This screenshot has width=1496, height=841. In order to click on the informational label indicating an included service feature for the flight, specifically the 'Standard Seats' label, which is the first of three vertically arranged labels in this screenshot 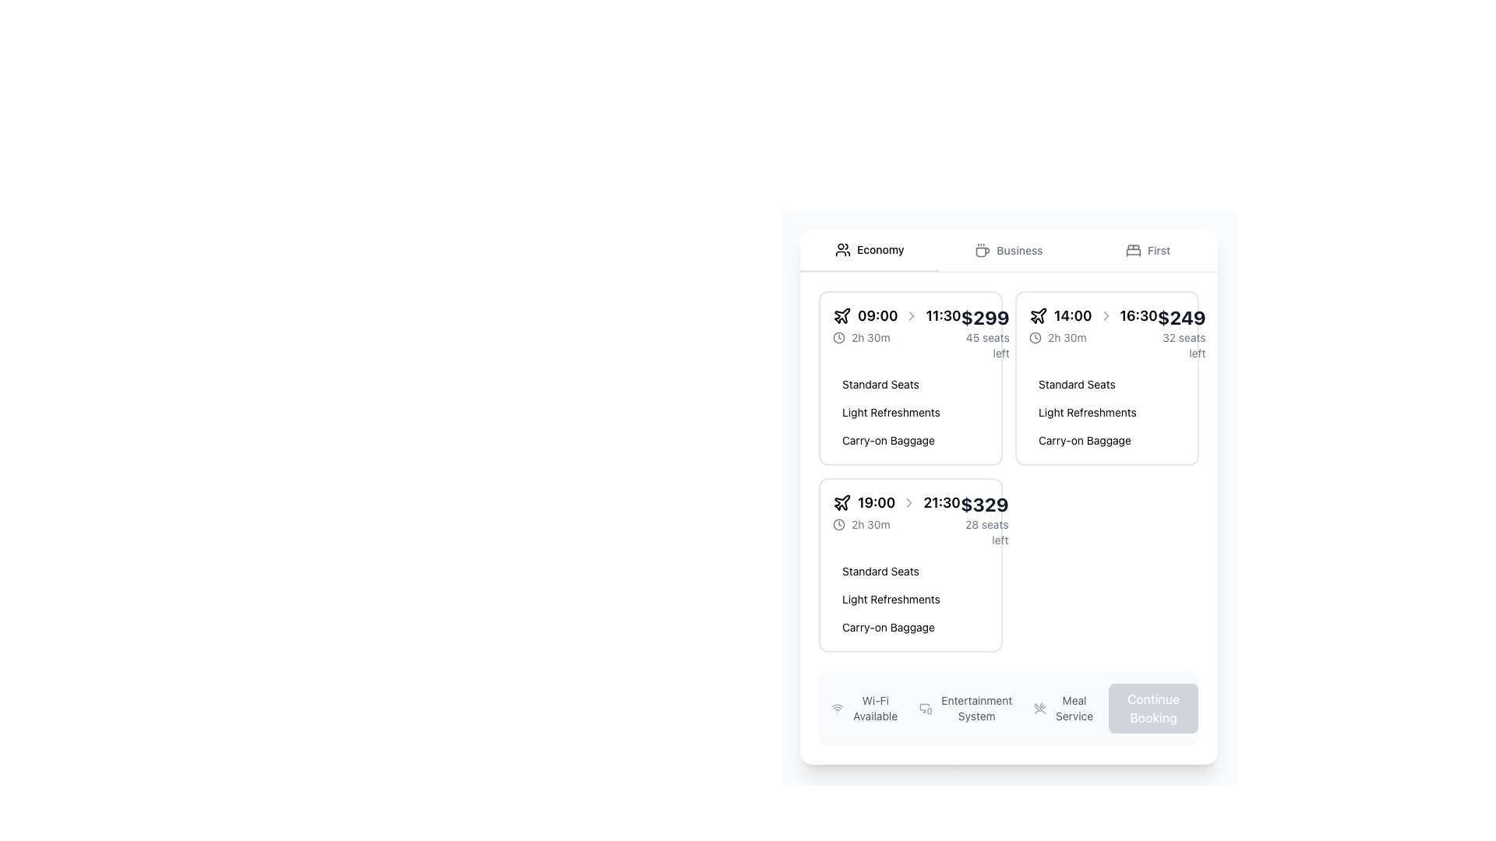, I will do `click(1076, 384)`.